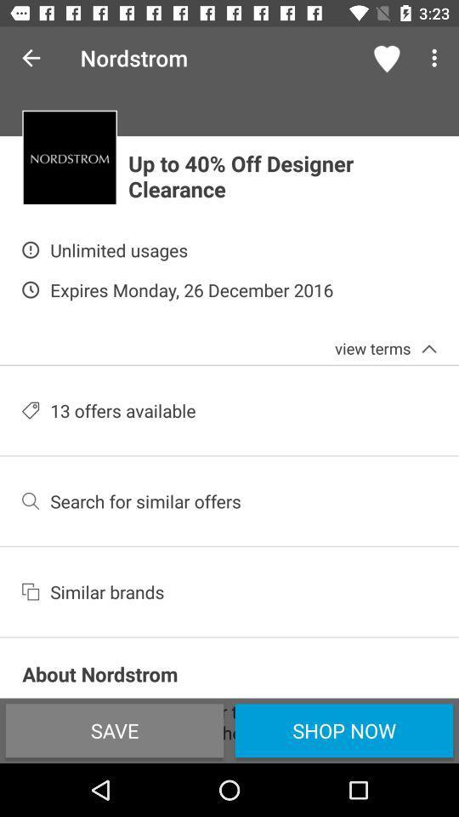  I want to click on the icon which is left to three dots, so click(388, 58).